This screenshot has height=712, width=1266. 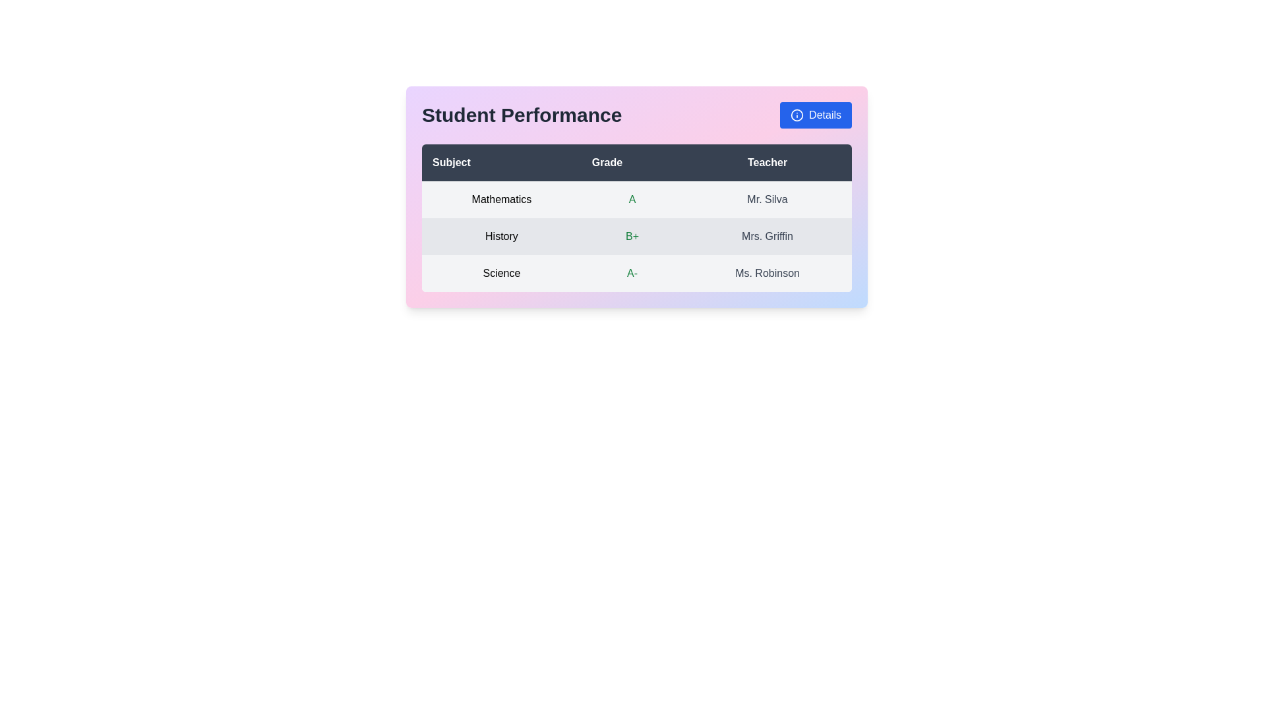 What do you see at coordinates (500, 273) in the screenshot?
I see `the 'Science' text label in the table under the 'Subject' column` at bounding box center [500, 273].